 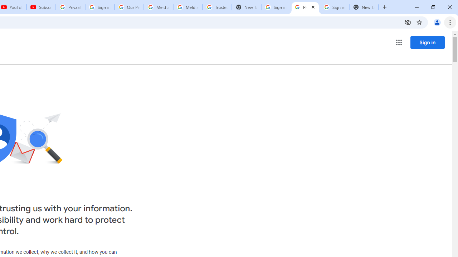 What do you see at coordinates (216, 7) in the screenshot?
I see `'Trusted Information and Content - Google Safety Center'` at bounding box center [216, 7].